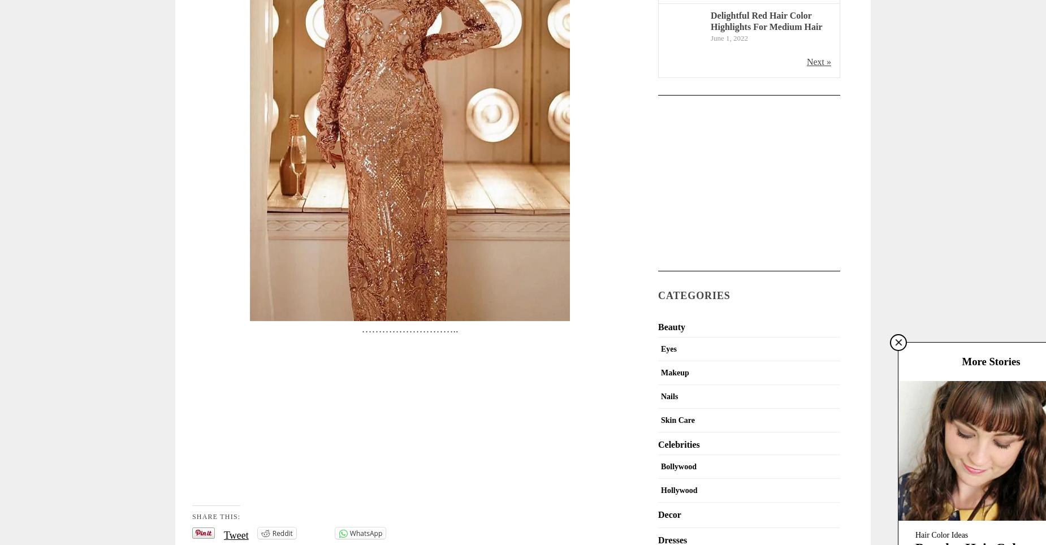 Image resolution: width=1046 pixels, height=545 pixels. What do you see at coordinates (282, 533) in the screenshot?
I see `'Reddit'` at bounding box center [282, 533].